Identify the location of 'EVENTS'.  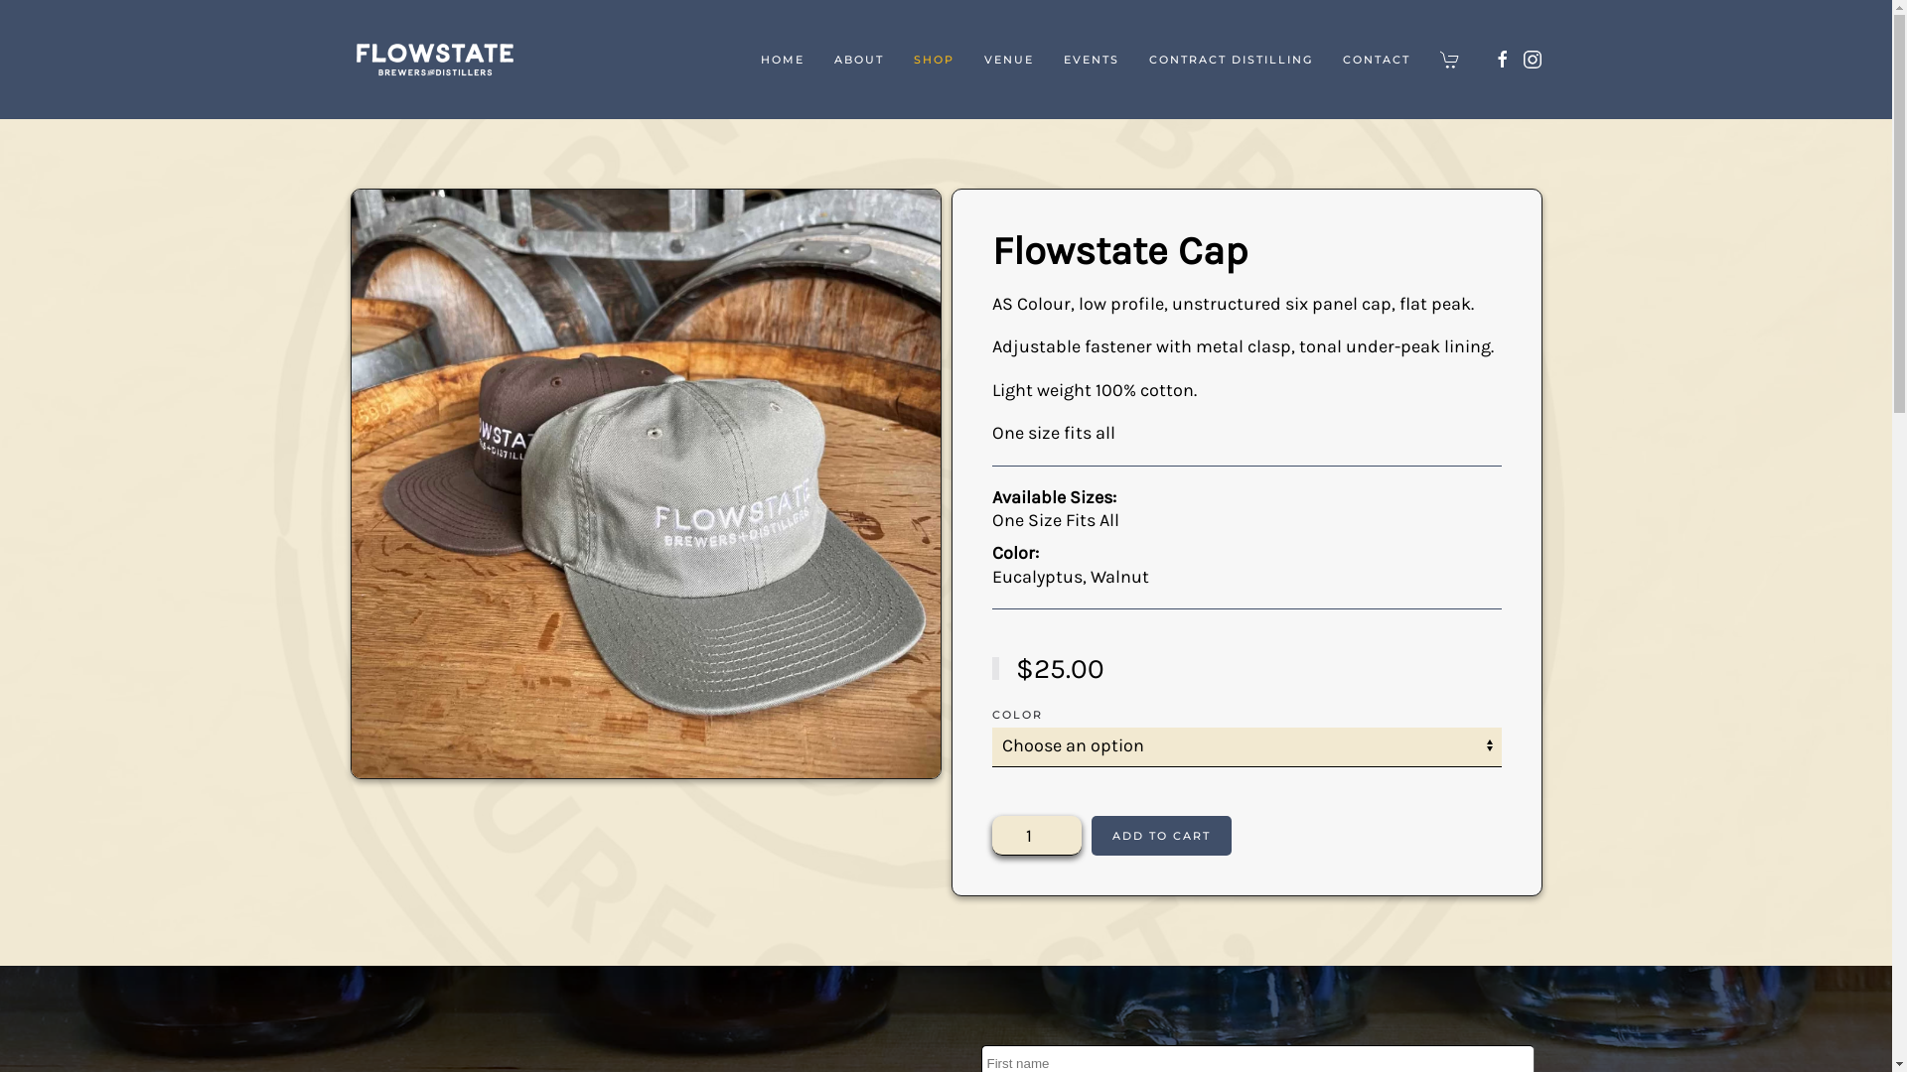
(1091, 59).